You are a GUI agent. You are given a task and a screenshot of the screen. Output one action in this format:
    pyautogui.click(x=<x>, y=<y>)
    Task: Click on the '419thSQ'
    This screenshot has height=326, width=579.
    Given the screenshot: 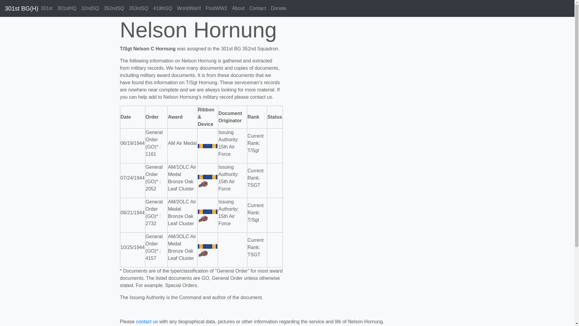 What is the action you would take?
    pyautogui.click(x=163, y=8)
    